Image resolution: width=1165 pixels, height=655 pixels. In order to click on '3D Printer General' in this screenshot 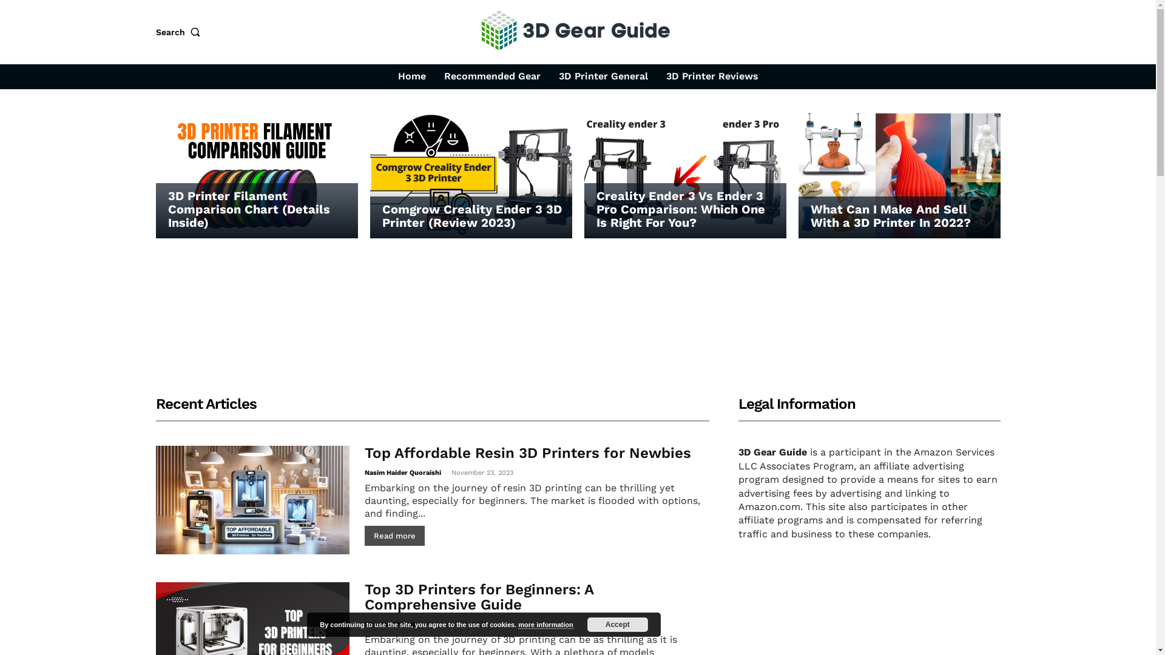, I will do `click(552, 76)`.